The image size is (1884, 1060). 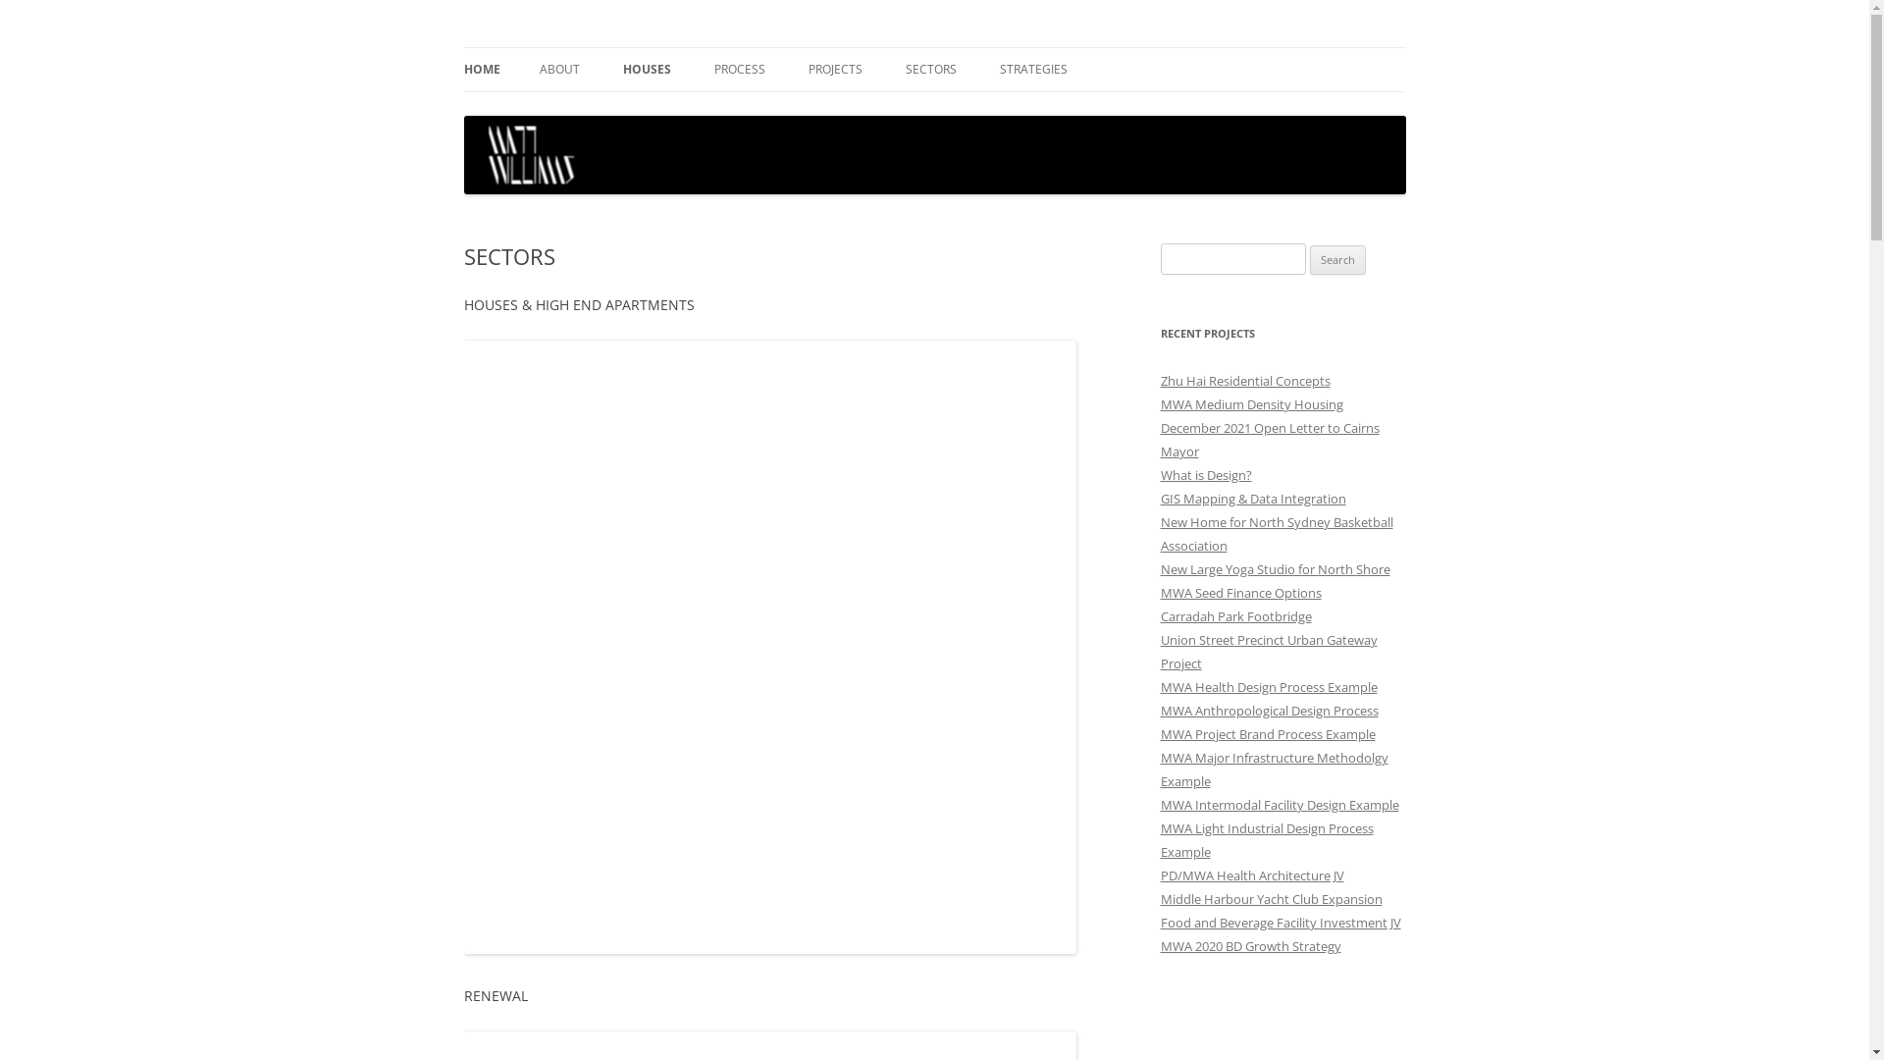 What do you see at coordinates (481, 68) in the screenshot?
I see `'HOME'` at bounding box center [481, 68].